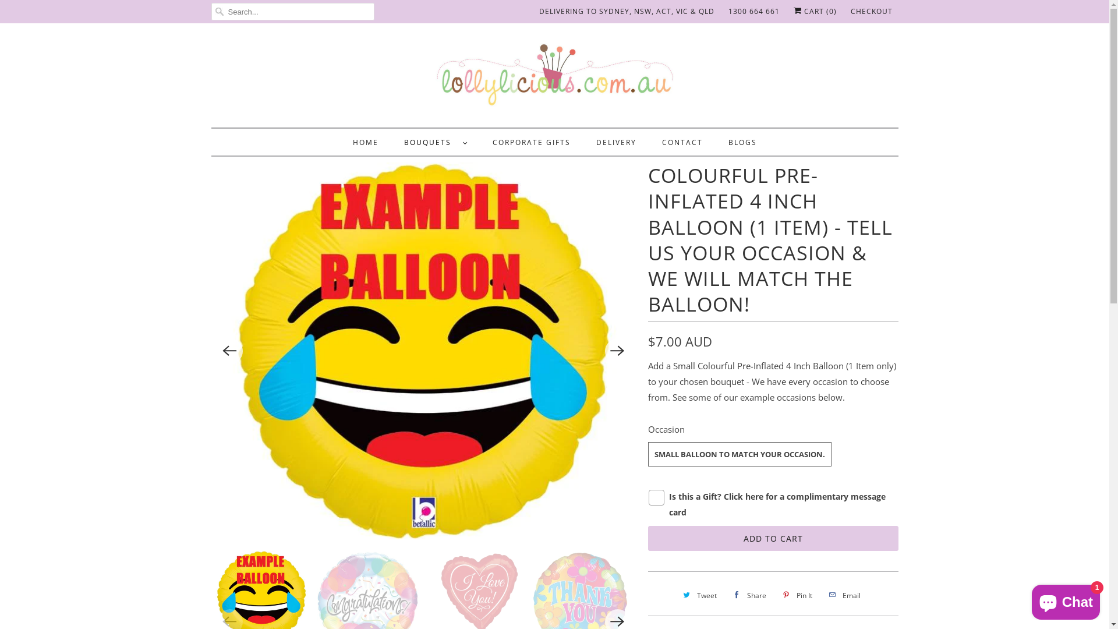 This screenshot has width=1118, height=629. Describe the element at coordinates (792, 11) in the screenshot. I see `'CART (0)'` at that location.